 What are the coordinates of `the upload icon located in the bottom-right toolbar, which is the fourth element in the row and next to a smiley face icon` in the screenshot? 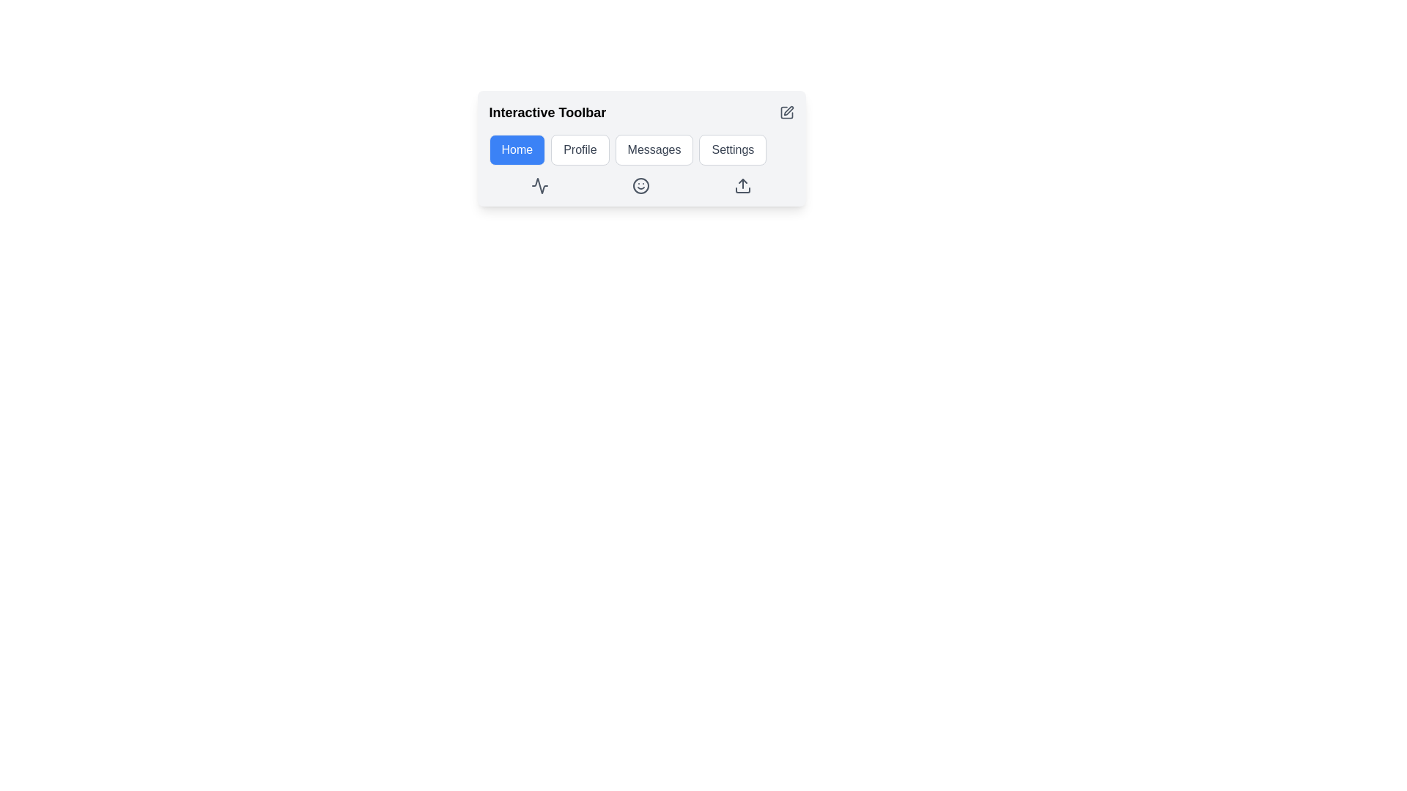 It's located at (742, 185).